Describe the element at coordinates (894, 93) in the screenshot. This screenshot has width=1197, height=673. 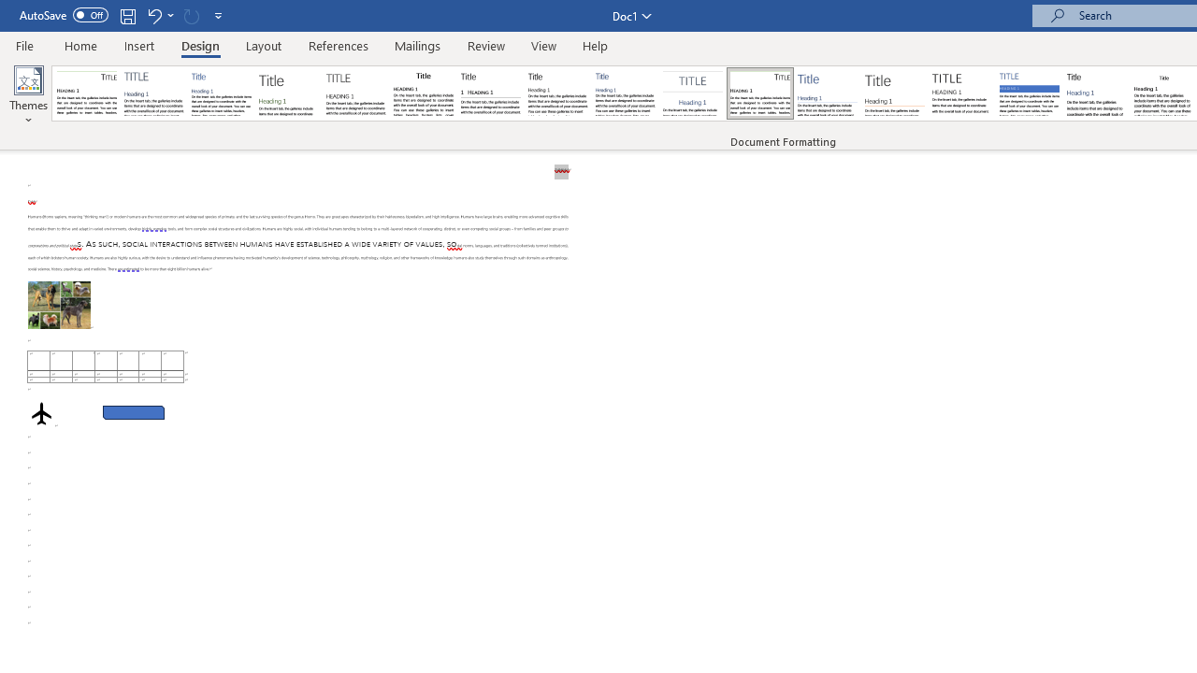
I see `'Lines (Stylish)'` at that location.